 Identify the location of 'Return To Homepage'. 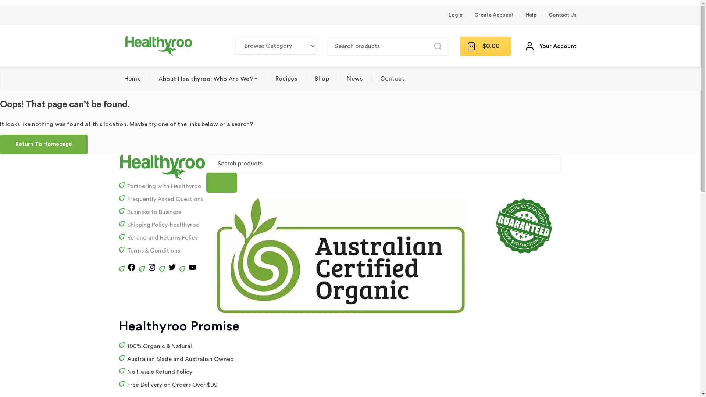
(43, 144).